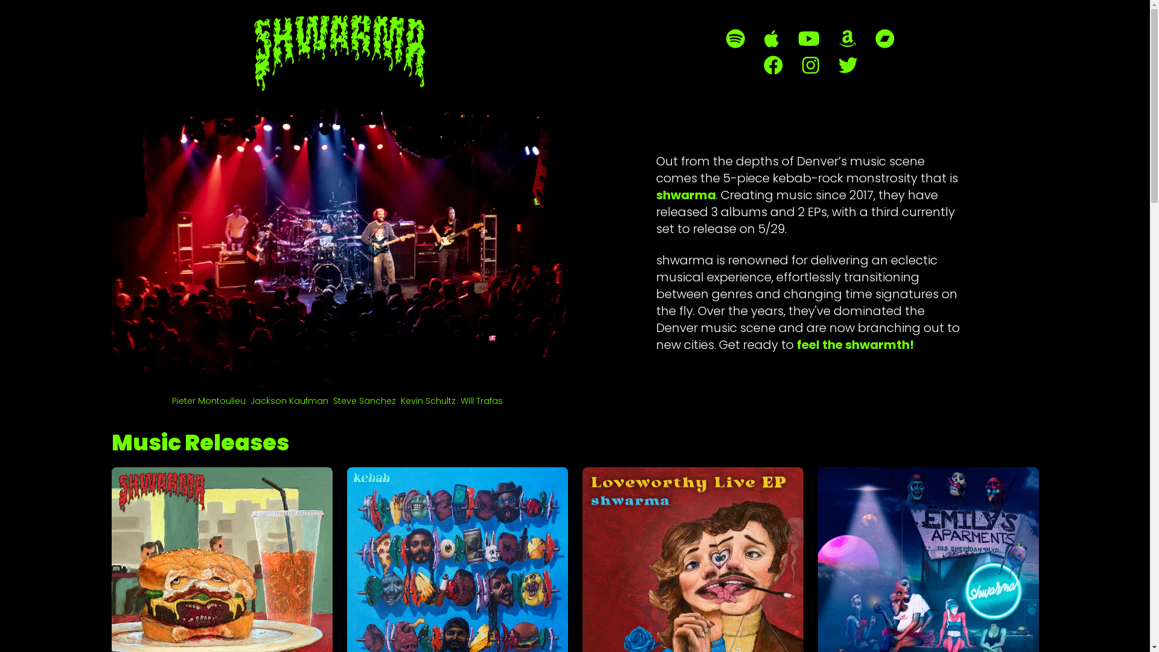 The image size is (1159, 652). What do you see at coordinates (735, 38) in the screenshot?
I see `'Spotify'` at bounding box center [735, 38].